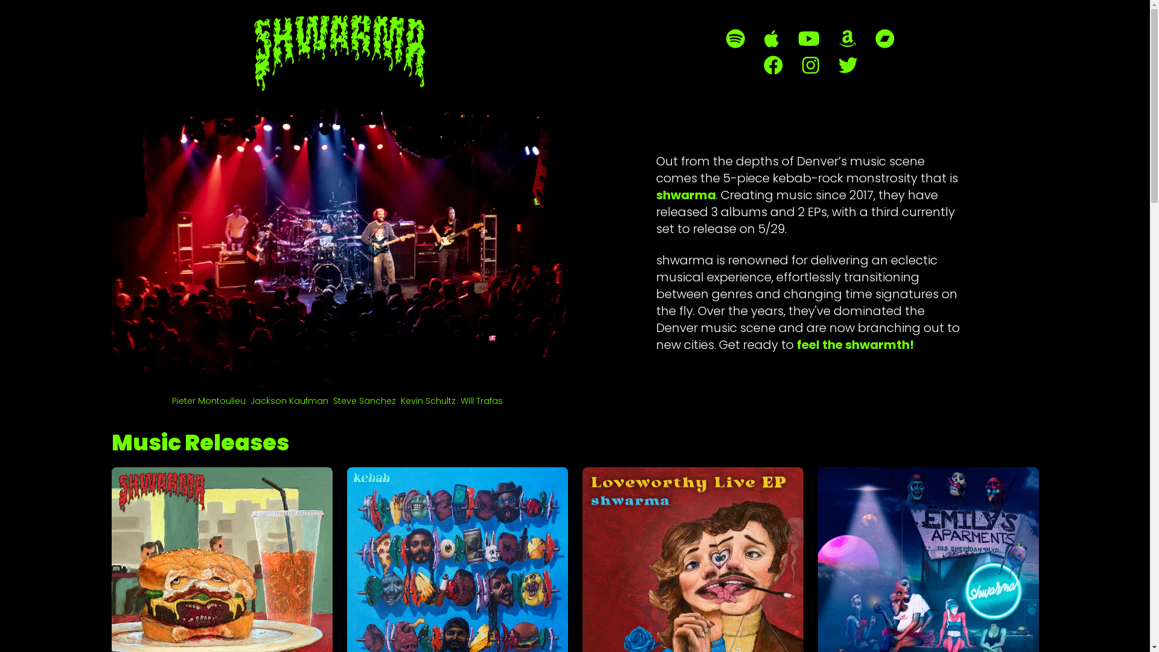 The image size is (1159, 652). What do you see at coordinates (735, 38) in the screenshot?
I see `'Spotify'` at bounding box center [735, 38].